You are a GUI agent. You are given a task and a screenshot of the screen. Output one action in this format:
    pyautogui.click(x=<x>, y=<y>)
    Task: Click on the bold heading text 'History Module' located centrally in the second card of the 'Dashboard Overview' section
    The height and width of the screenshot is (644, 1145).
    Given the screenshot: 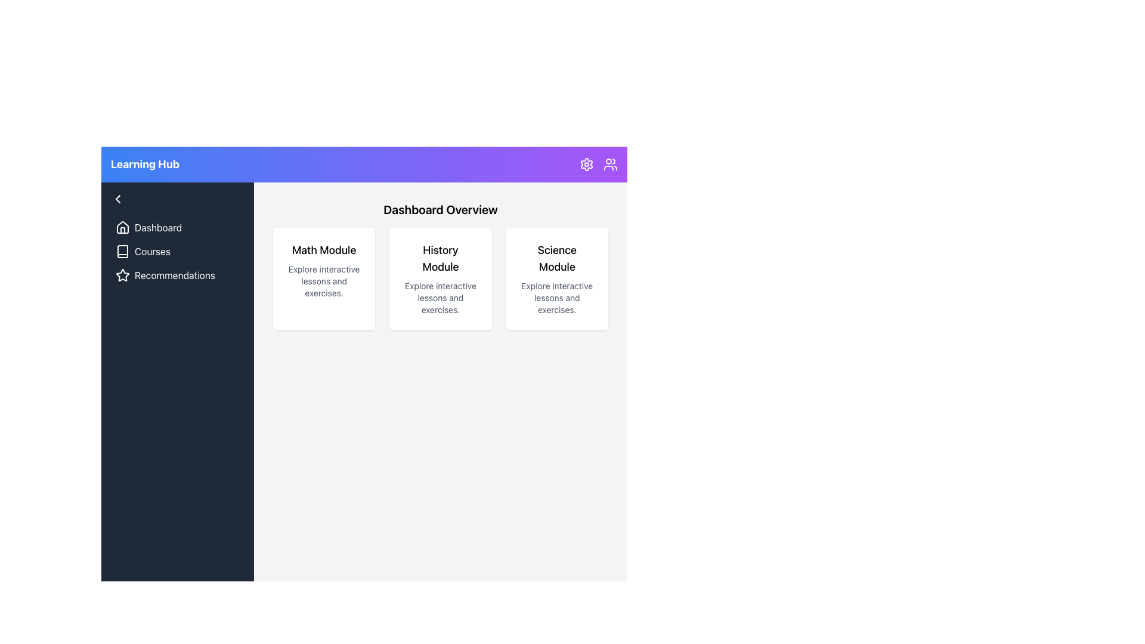 What is the action you would take?
    pyautogui.click(x=440, y=258)
    